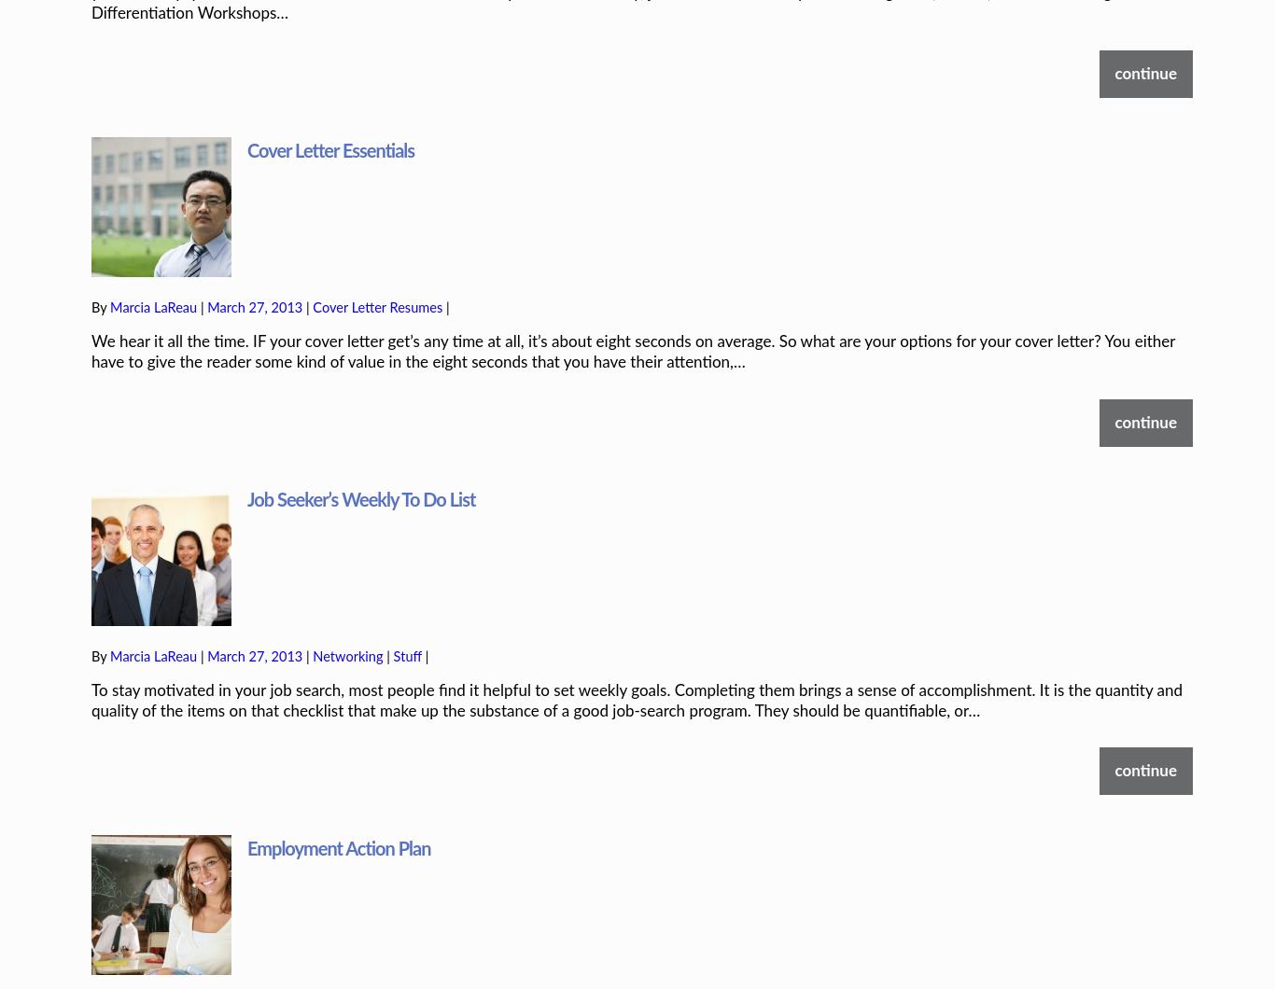 Image resolution: width=1275 pixels, height=989 pixels. What do you see at coordinates (337, 785) in the screenshot?
I see `'Employment Action Plan'` at bounding box center [337, 785].